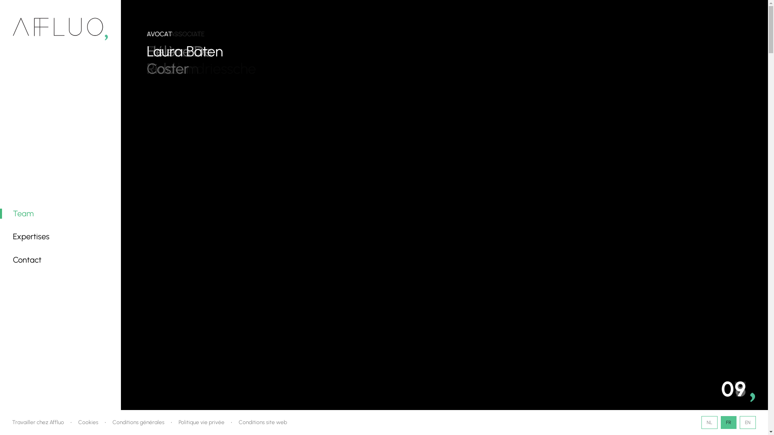 The image size is (774, 435). I want to click on 'Expertises', so click(31, 236).